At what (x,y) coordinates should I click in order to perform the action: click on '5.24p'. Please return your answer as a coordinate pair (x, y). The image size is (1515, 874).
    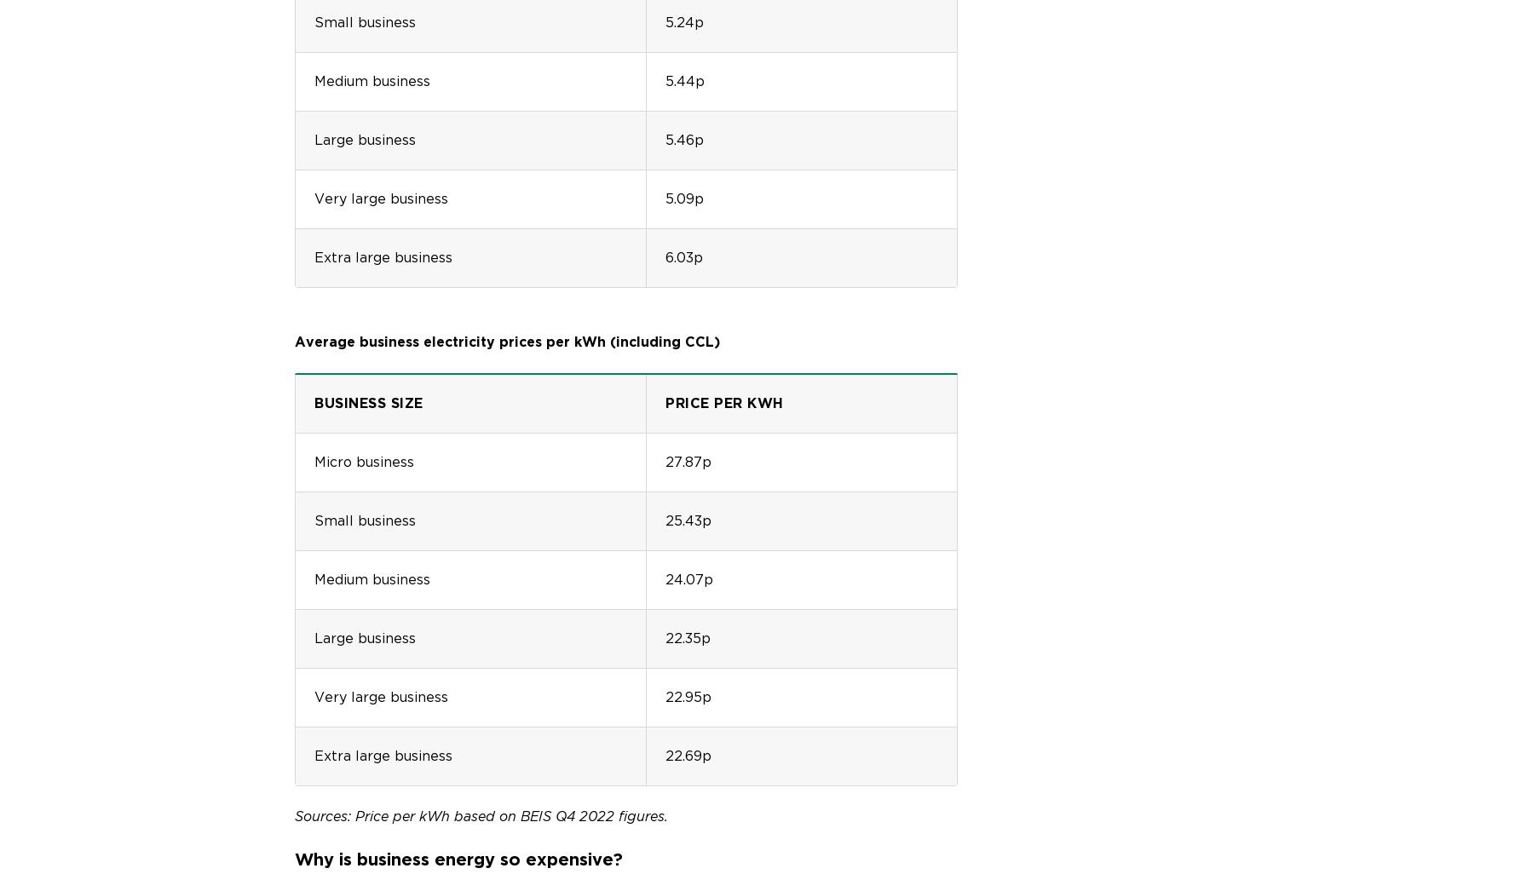
    Looking at the image, I should click on (684, 21).